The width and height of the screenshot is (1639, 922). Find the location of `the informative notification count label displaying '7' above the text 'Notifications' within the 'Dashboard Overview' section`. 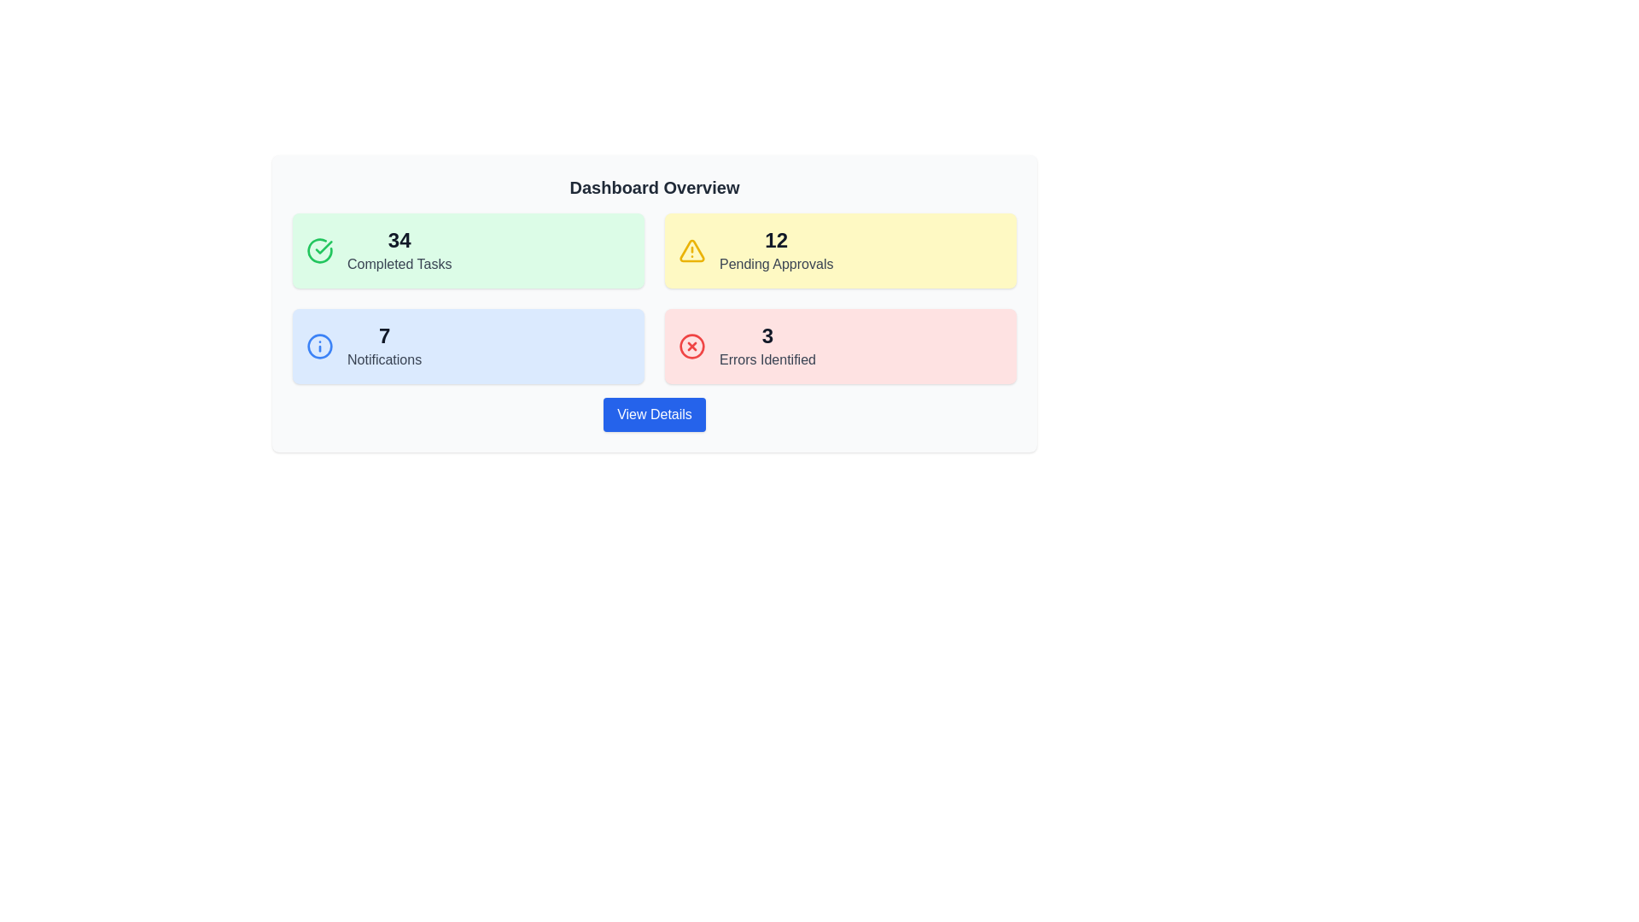

the informative notification count label displaying '7' above the text 'Notifications' within the 'Dashboard Overview' section is located at coordinates (383, 346).